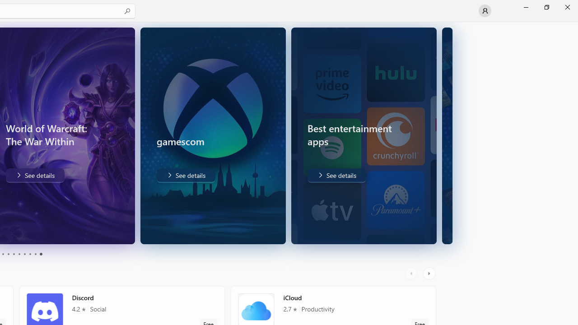  Describe the element at coordinates (567, 7) in the screenshot. I see `'Close Microsoft Store'` at that location.